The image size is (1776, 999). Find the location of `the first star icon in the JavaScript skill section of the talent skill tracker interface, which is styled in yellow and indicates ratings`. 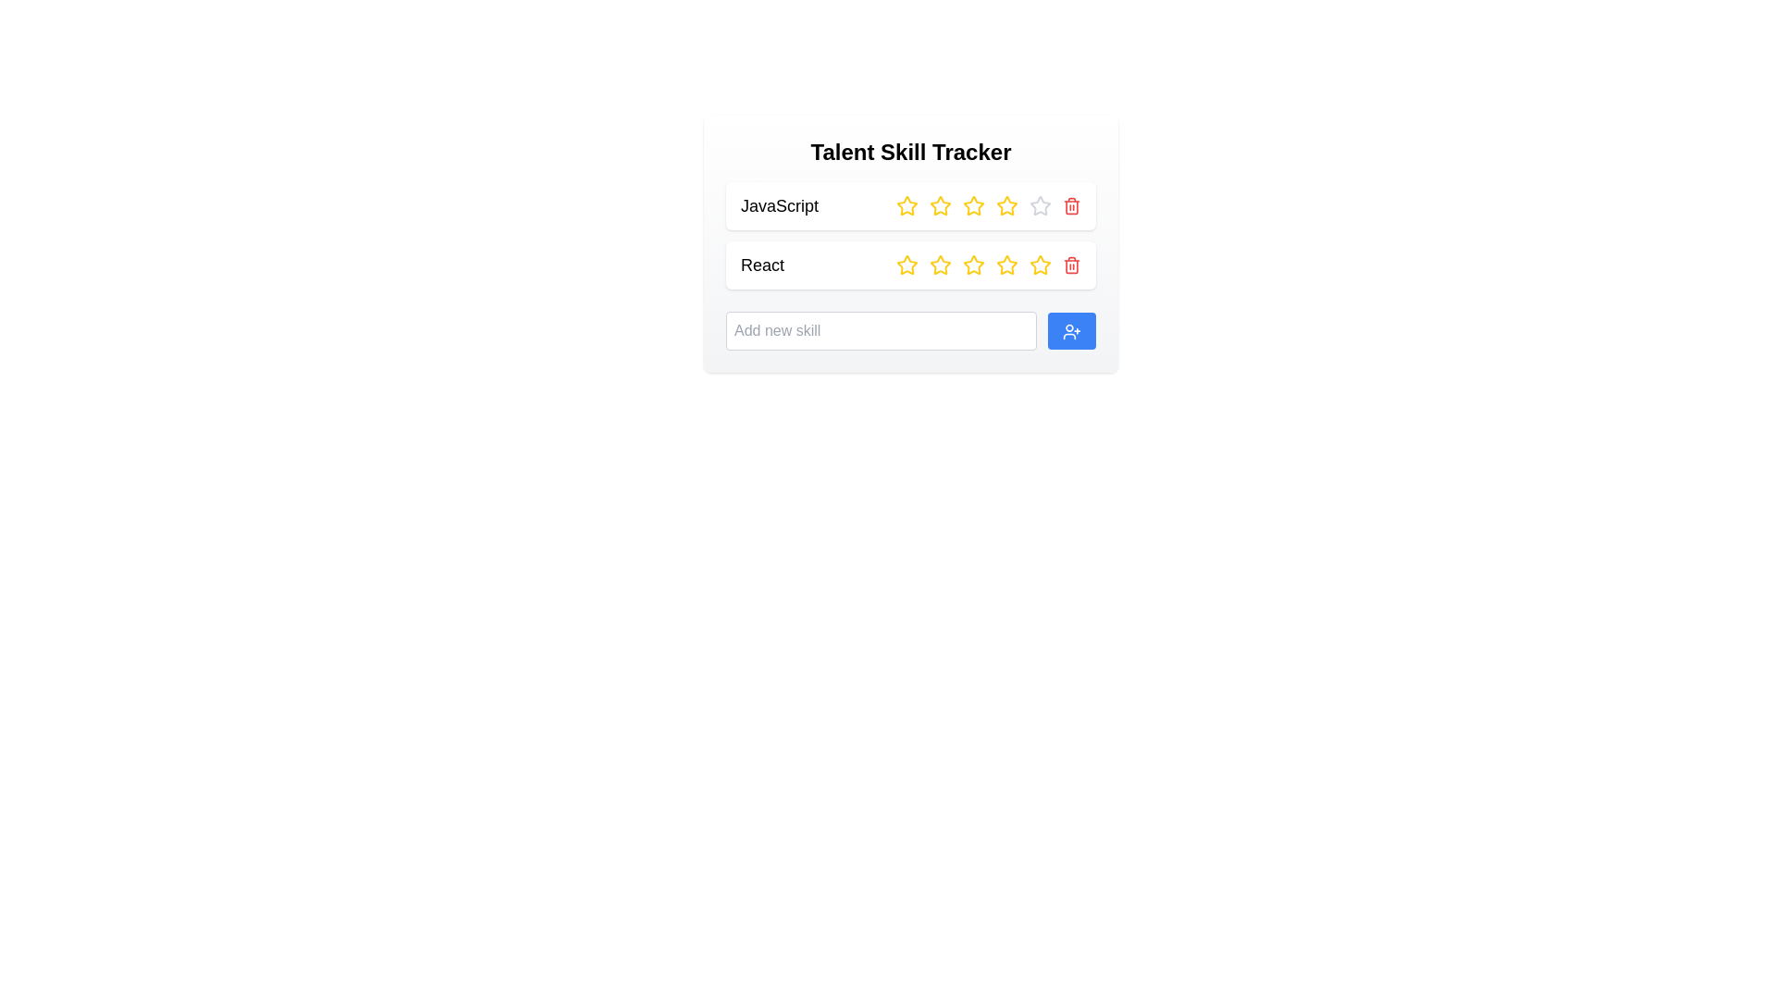

the first star icon in the JavaScript skill section of the talent skill tracker interface, which is styled in yellow and indicates ratings is located at coordinates (906, 205).